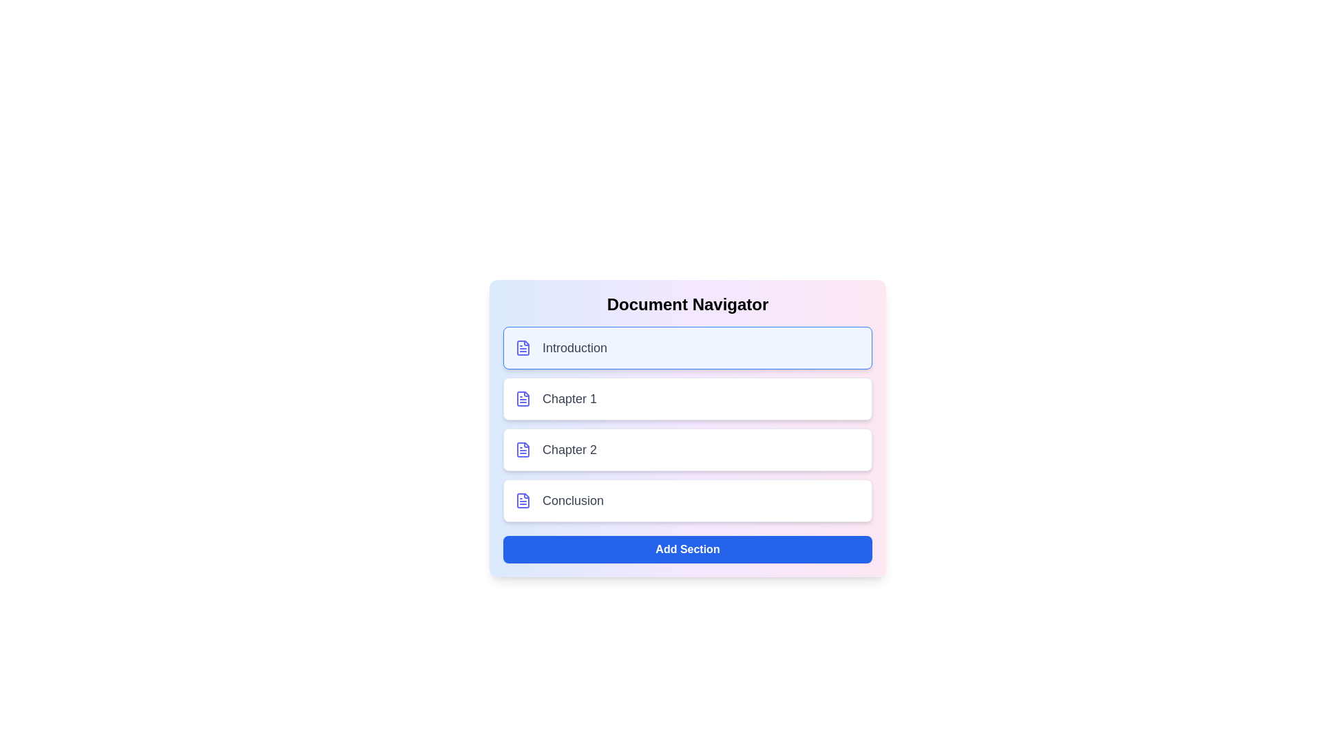  What do you see at coordinates (687, 398) in the screenshot?
I see `the section corresponding to Chapter 1 by clicking on its list item` at bounding box center [687, 398].